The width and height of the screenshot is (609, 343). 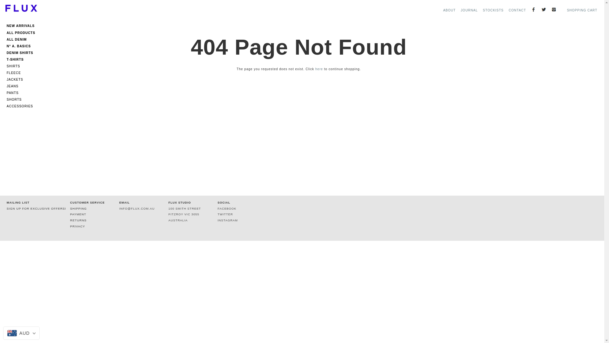 I want to click on 'ALL DENIM', so click(x=6, y=38).